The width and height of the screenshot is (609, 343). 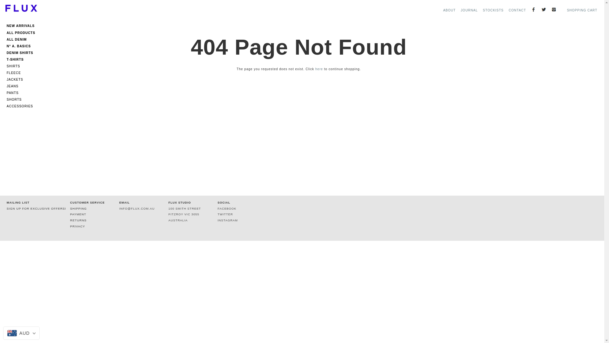 I want to click on 'ALL DENIM', so click(x=6, y=38).